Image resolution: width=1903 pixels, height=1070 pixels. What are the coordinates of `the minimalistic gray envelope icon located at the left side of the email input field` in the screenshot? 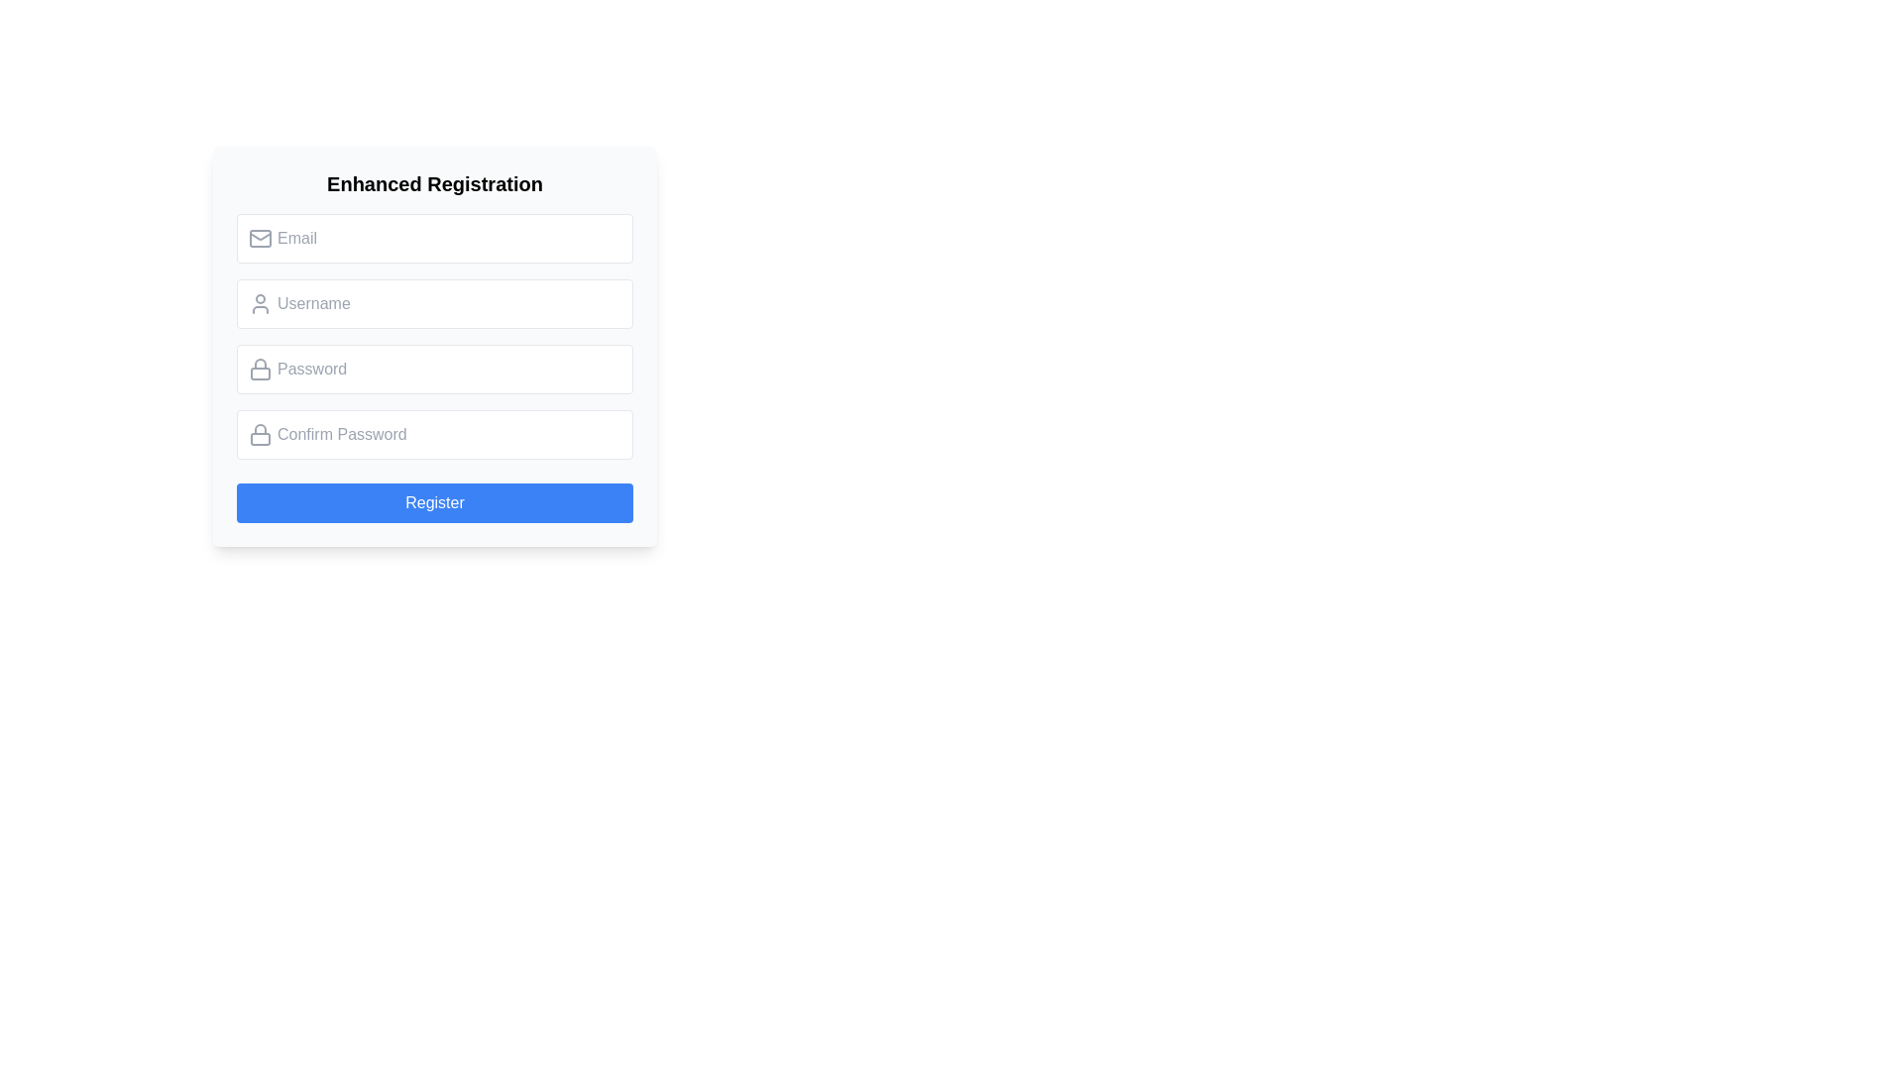 It's located at (260, 237).